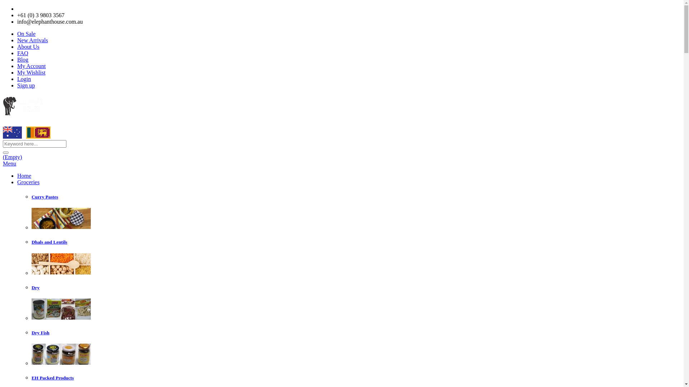 This screenshot has width=689, height=387. I want to click on 'New Arrivals', so click(32, 40).